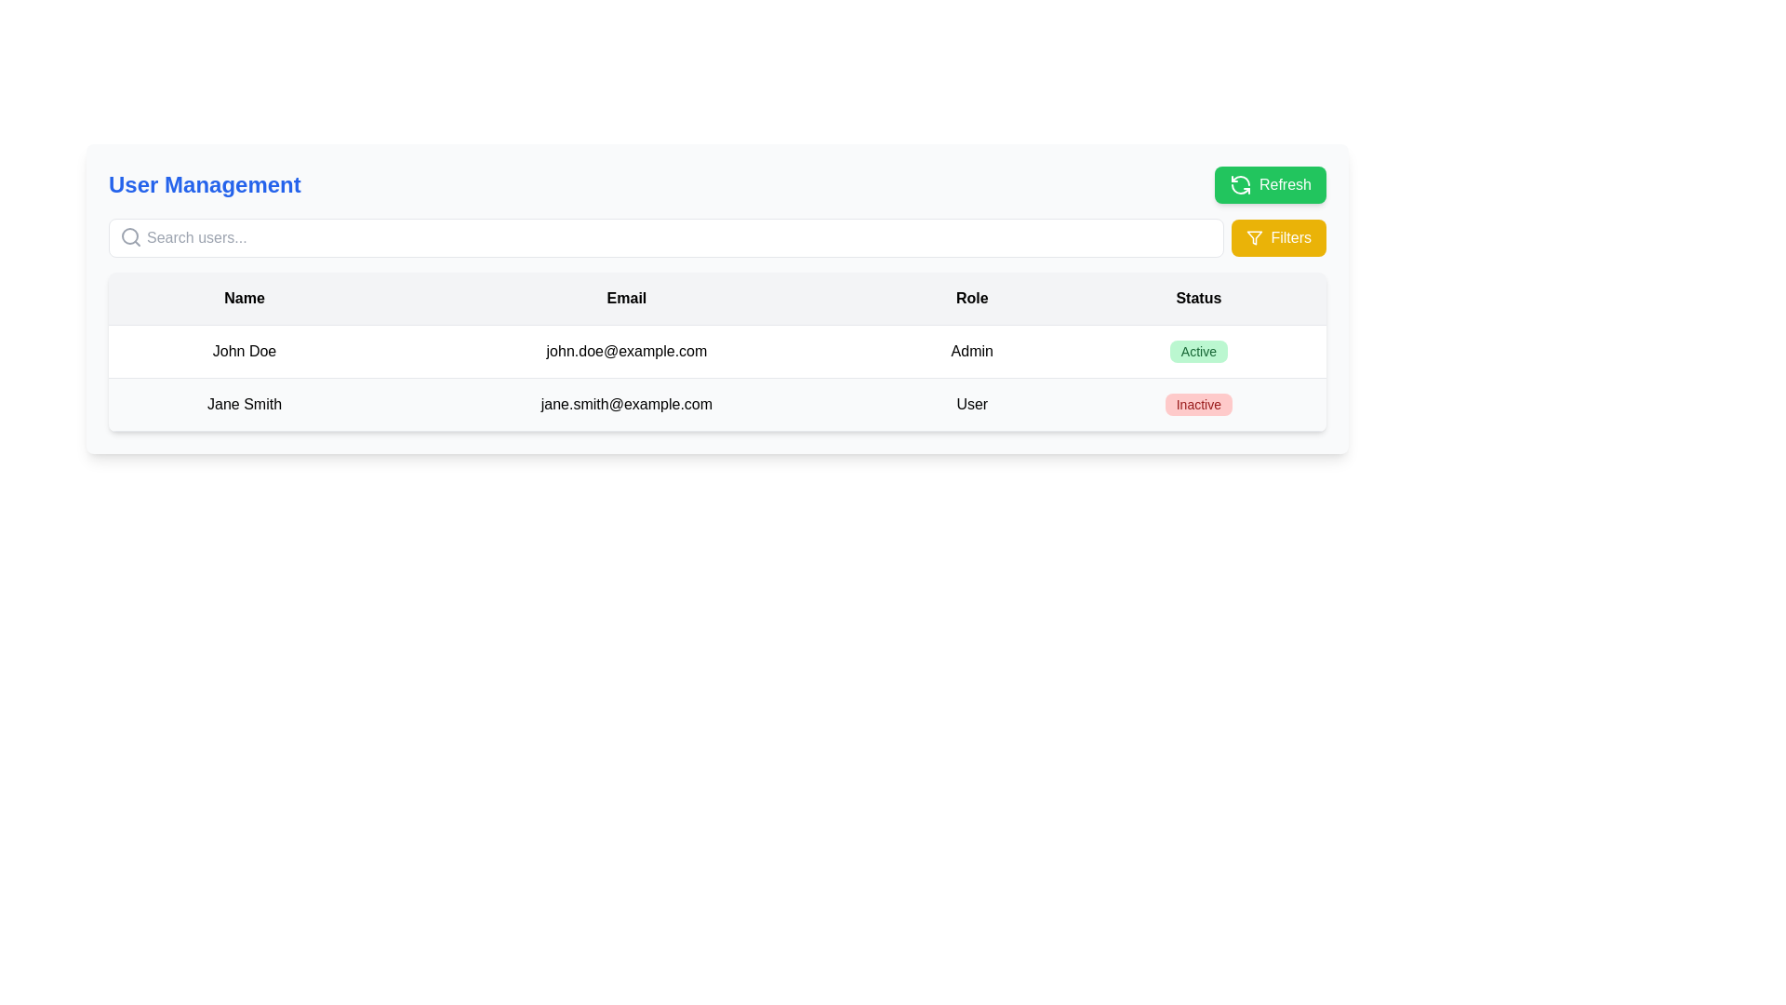 The image size is (1786, 1005). Describe the element at coordinates (1255, 236) in the screenshot. I see `the filter icon located within the yellow 'Filters' button in the top-right section of the interface to potentially reveal tooltips` at that location.